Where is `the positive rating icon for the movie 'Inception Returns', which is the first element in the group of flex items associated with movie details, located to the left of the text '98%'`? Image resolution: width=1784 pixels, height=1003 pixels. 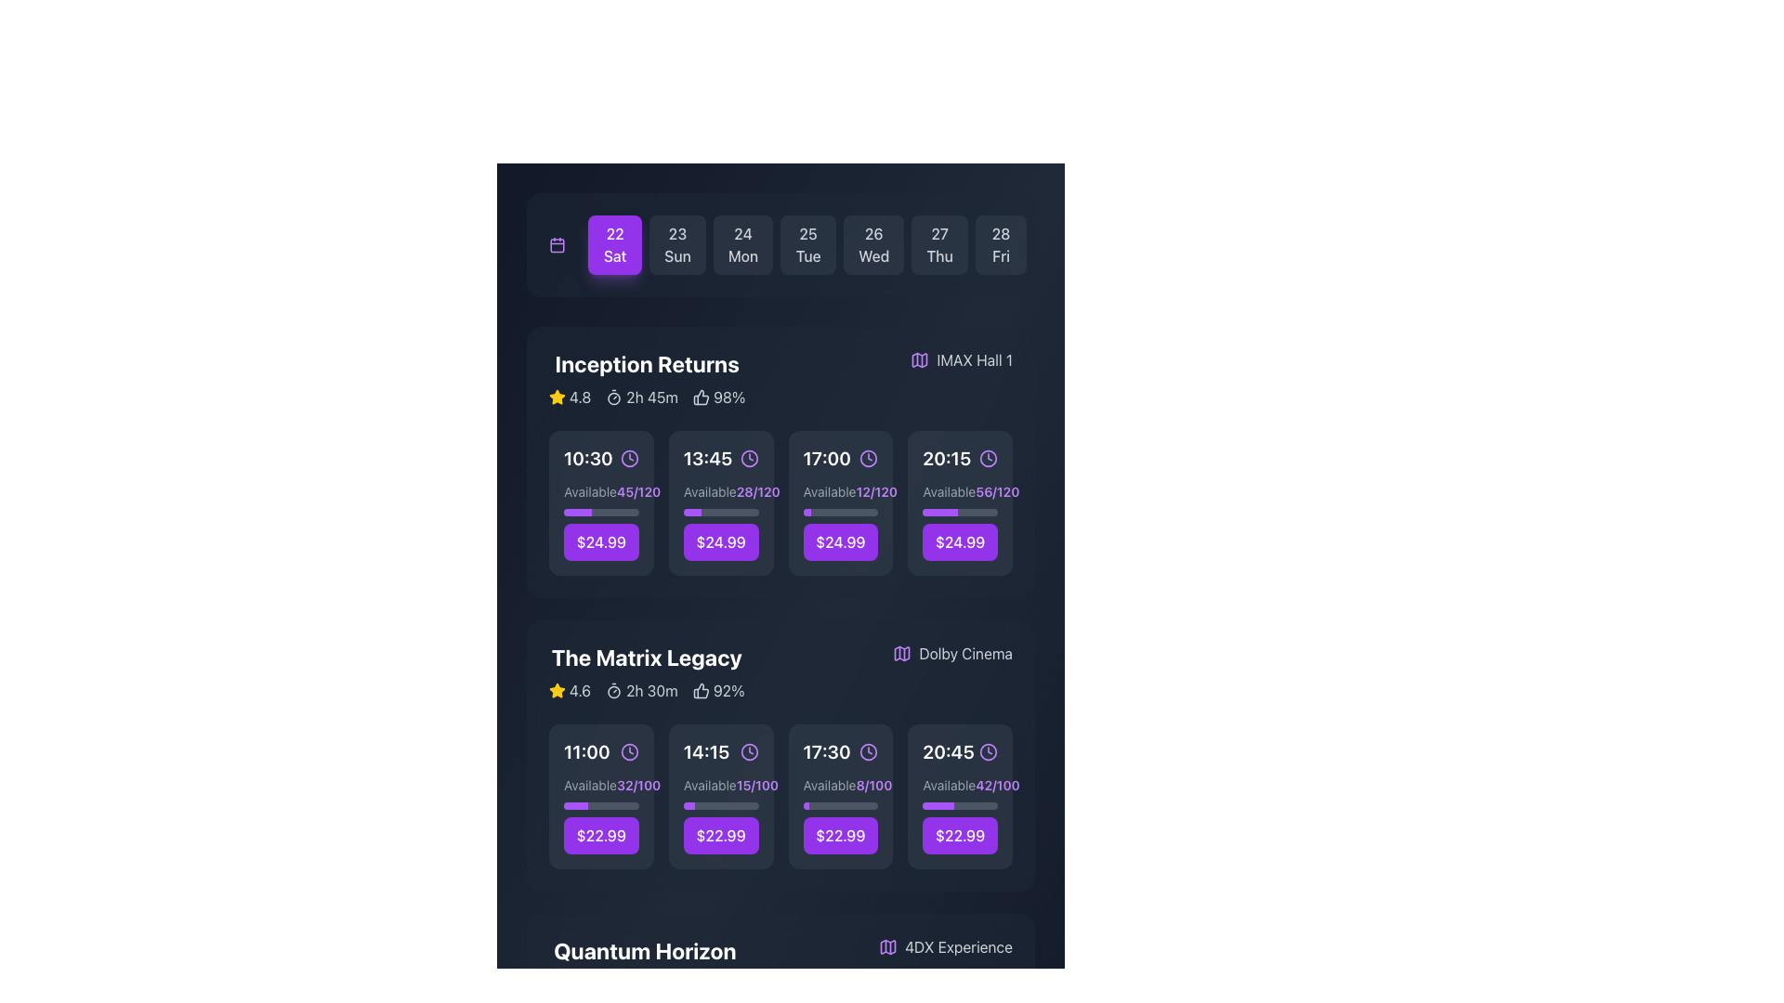
the positive rating icon for the movie 'Inception Returns', which is the first element in the group of flex items associated with movie details, located to the left of the text '98%' is located at coordinates (701, 397).